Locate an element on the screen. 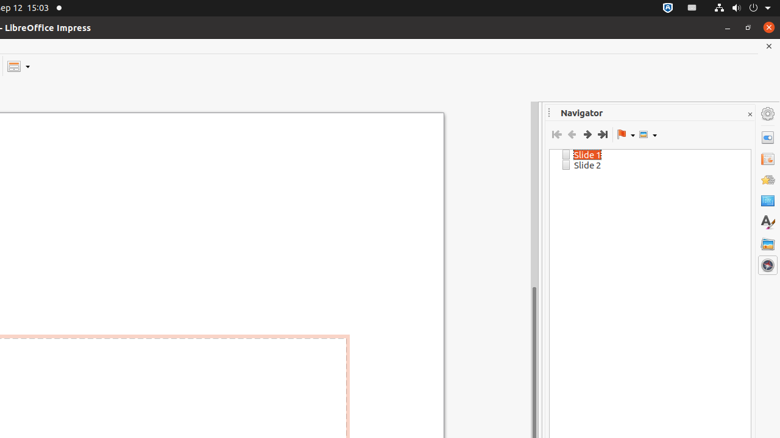 The width and height of the screenshot is (780, 438). 'Styles' is located at coordinates (767, 222).